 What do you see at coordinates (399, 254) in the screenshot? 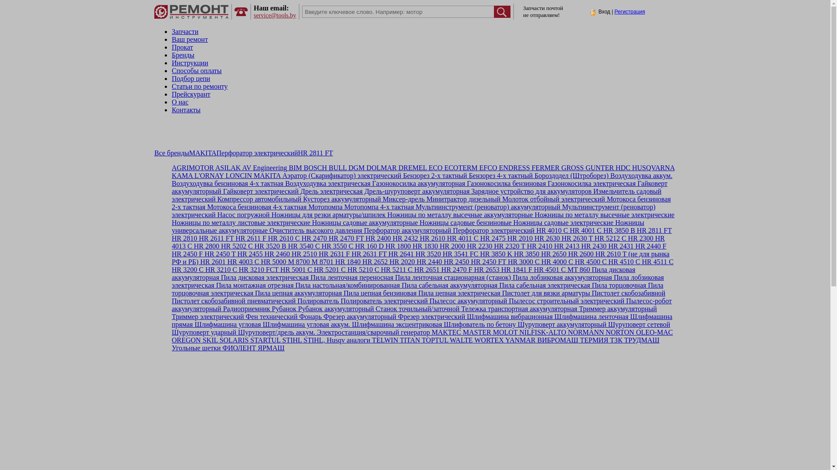
I see `'HR 2641'` at bounding box center [399, 254].